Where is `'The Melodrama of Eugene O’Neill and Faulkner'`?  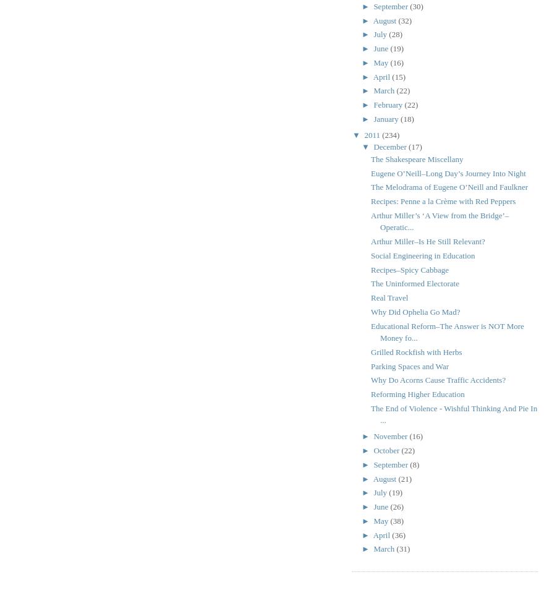 'The Melodrama of Eugene O’Neill and Faulkner' is located at coordinates (449, 187).